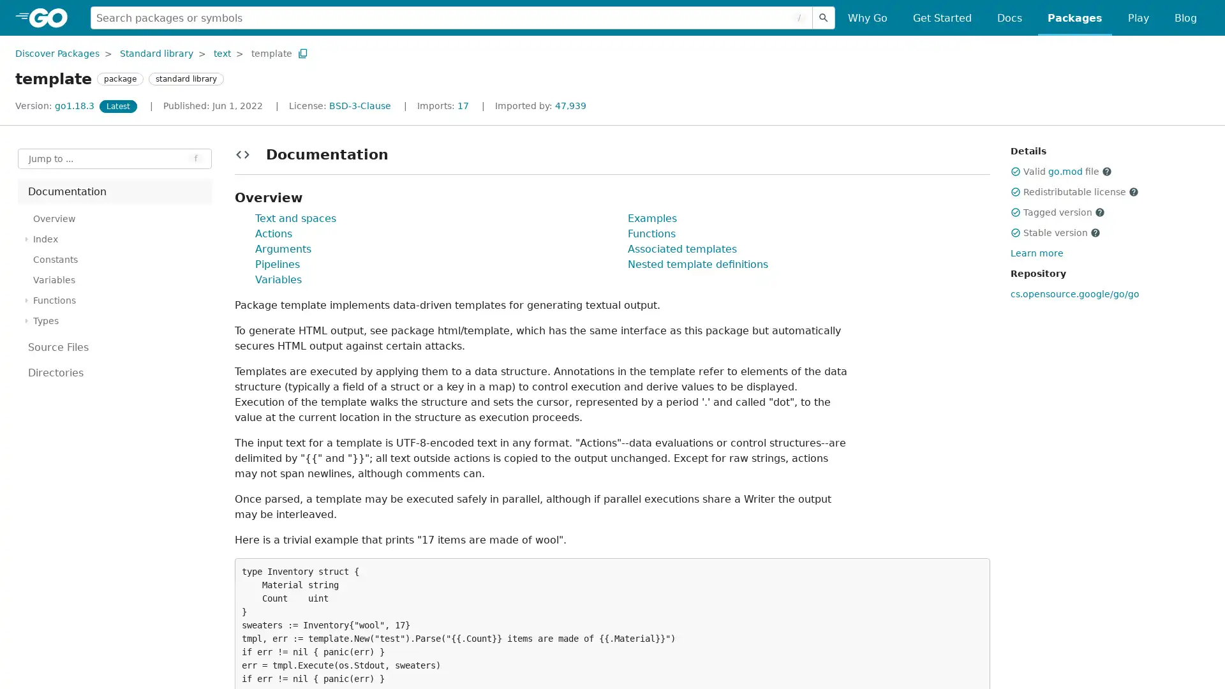 Image resolution: width=1225 pixels, height=689 pixels. I want to click on Copy Path to Clipboard, so click(302, 52).